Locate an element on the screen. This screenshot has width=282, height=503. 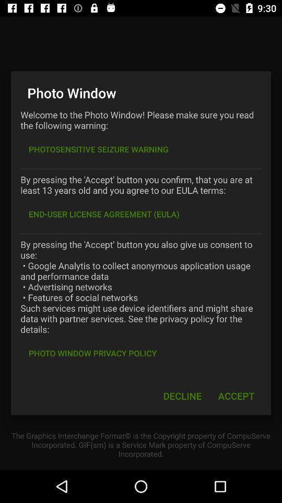
the photosensitive seizure warning item is located at coordinates (99, 149).